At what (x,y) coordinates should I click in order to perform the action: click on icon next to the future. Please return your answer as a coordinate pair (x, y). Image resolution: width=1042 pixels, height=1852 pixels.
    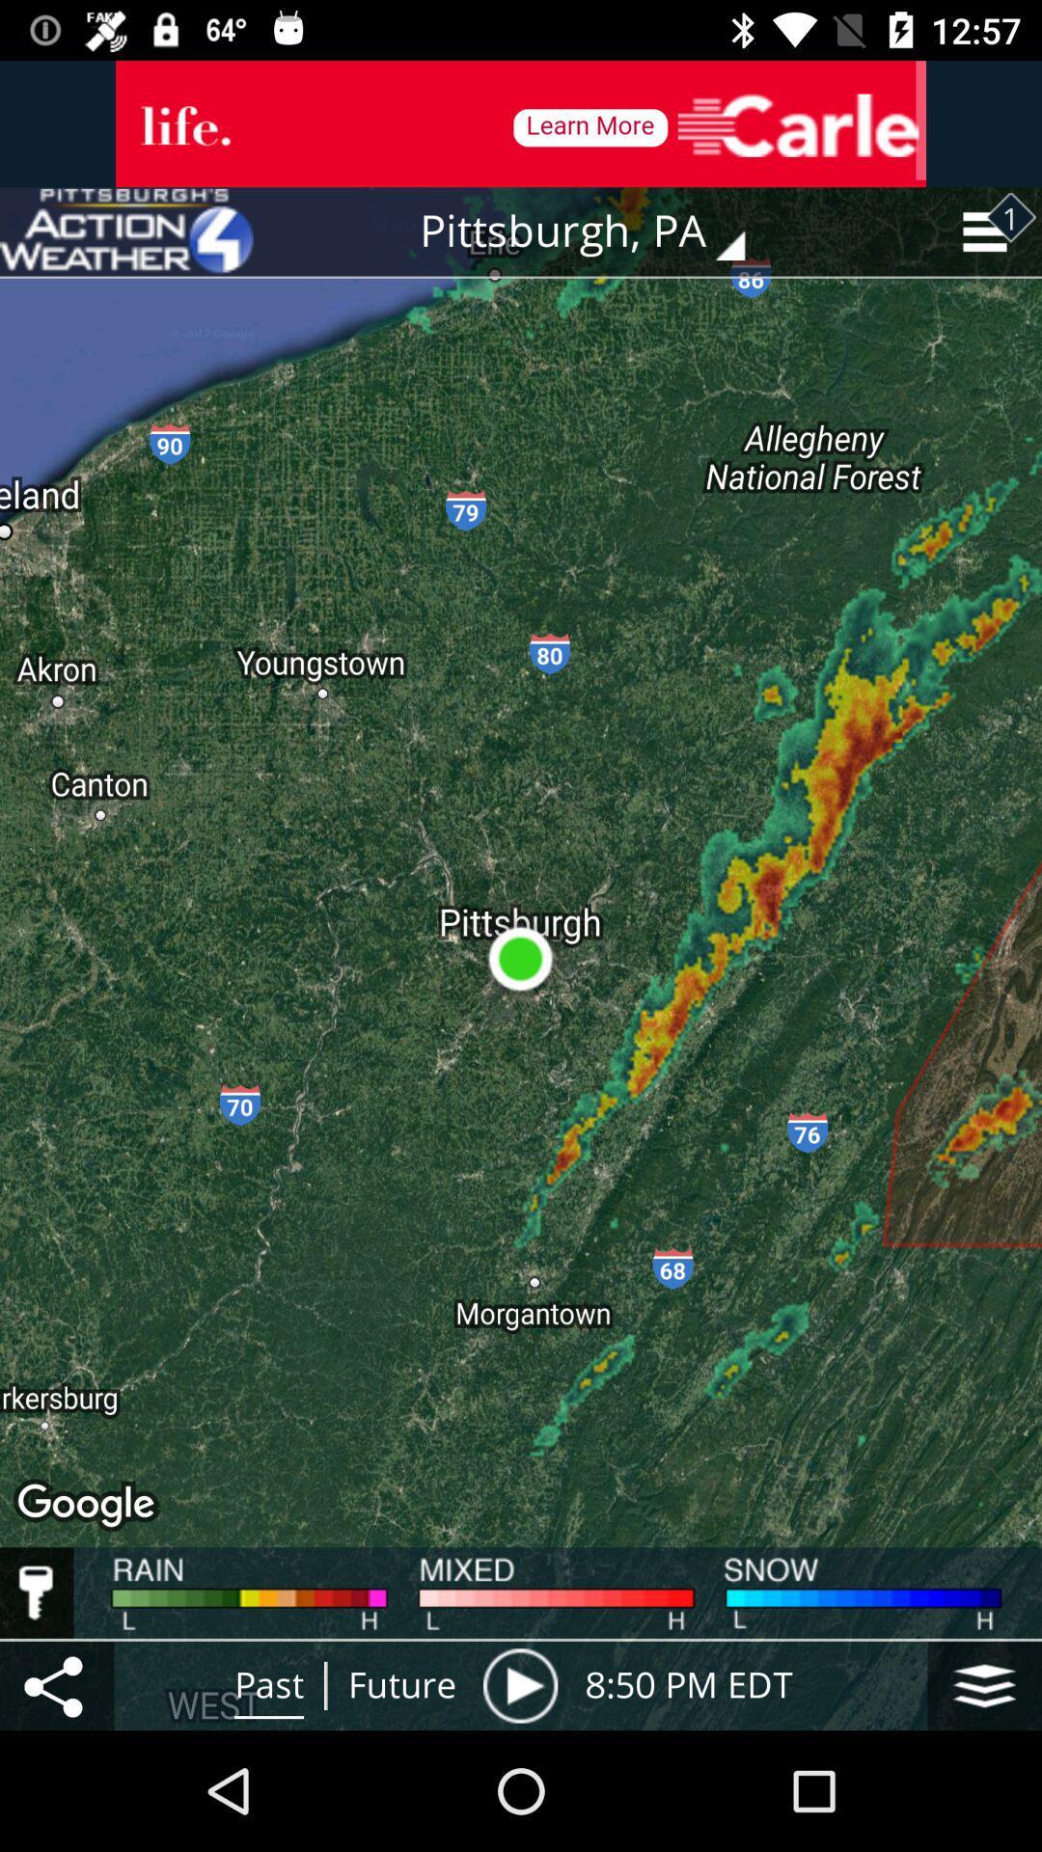
    Looking at the image, I should click on (519, 1684).